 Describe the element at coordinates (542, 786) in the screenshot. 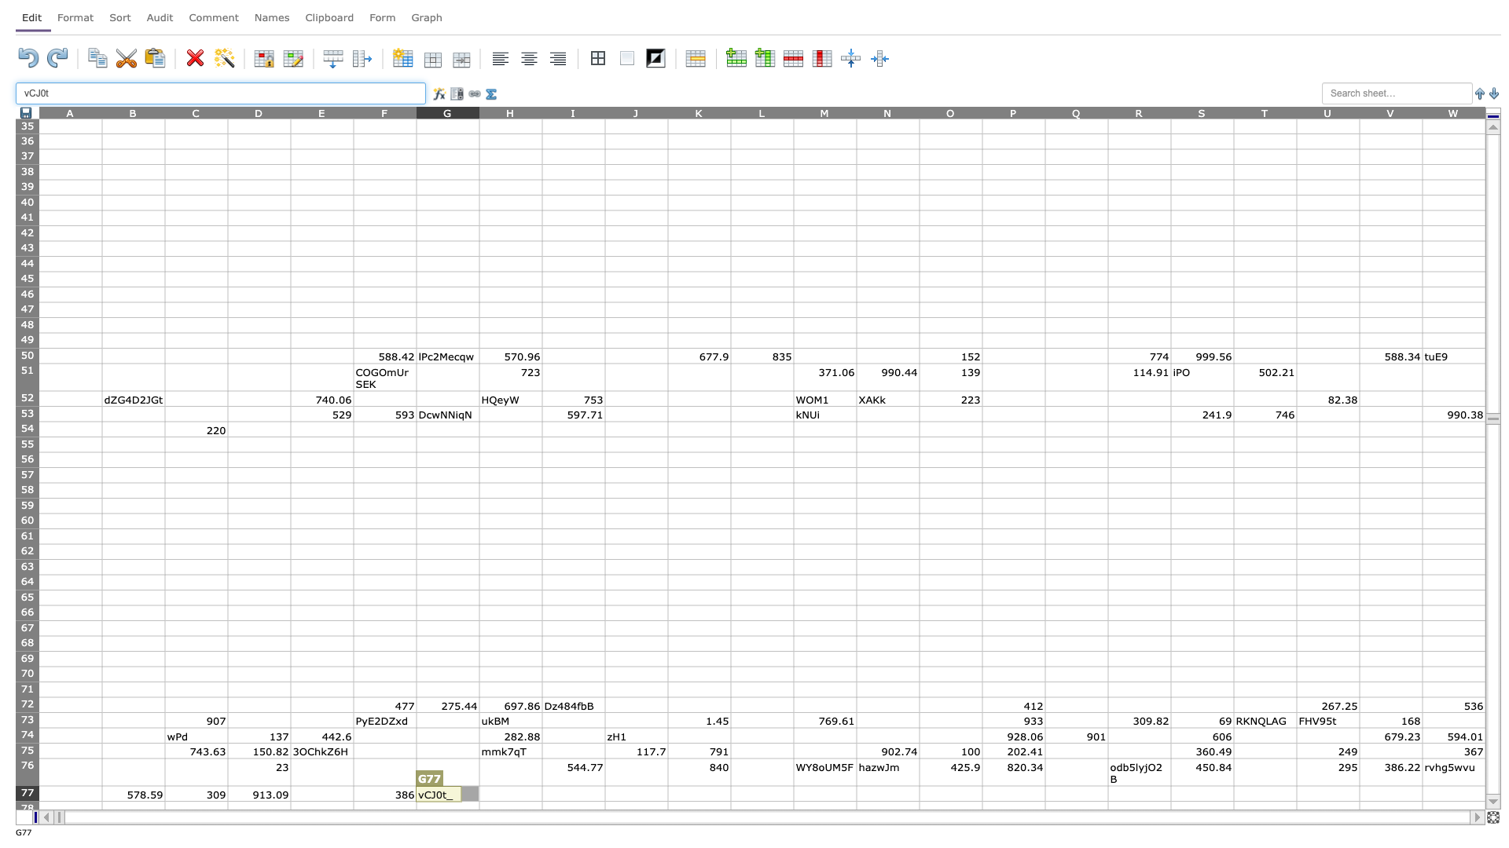

I see `Top left corner of cell I-77` at that location.